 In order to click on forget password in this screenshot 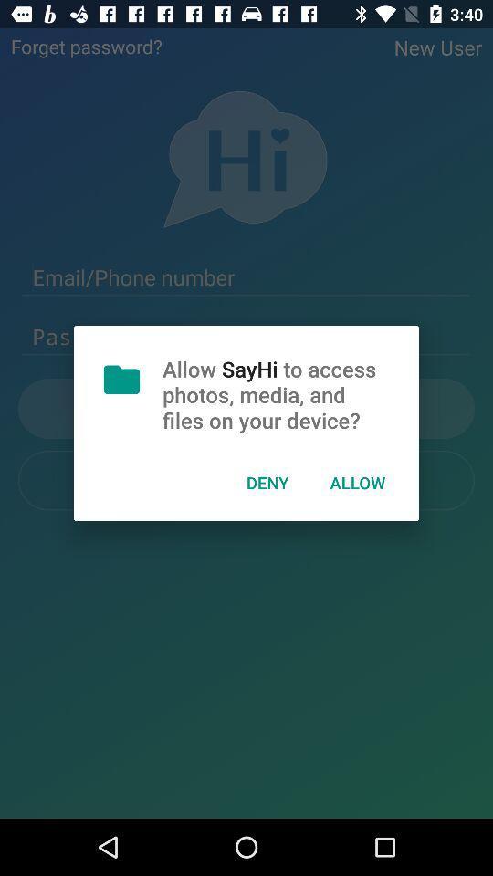, I will do `click(85, 45)`.